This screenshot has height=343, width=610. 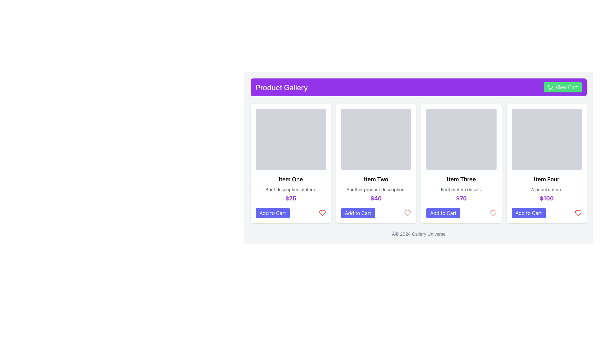 What do you see at coordinates (290, 198) in the screenshot?
I see `the price text label for 'Item One' in the first column of the product gallery, located below the brief description and above the 'Add to Cart' button` at bounding box center [290, 198].